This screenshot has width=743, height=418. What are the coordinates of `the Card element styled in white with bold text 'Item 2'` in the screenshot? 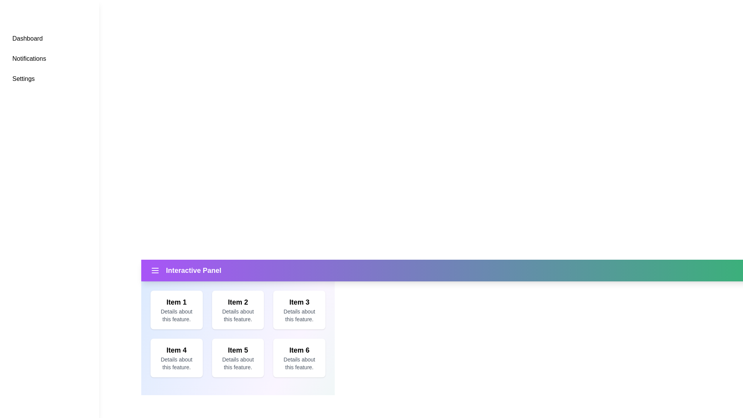 It's located at (237, 322).